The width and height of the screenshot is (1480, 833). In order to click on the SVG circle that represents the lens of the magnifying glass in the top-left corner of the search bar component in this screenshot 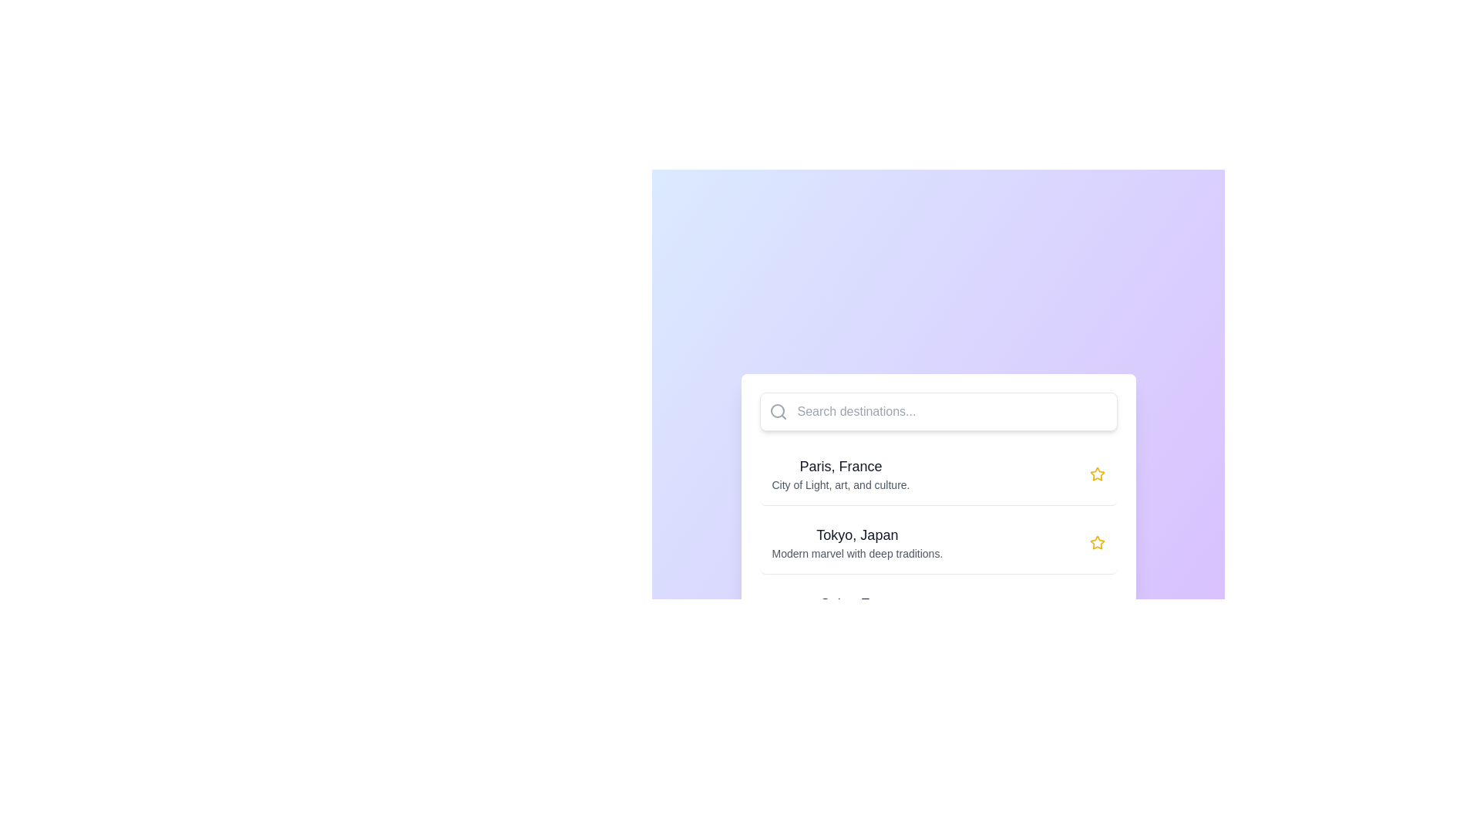, I will do `click(777, 410)`.